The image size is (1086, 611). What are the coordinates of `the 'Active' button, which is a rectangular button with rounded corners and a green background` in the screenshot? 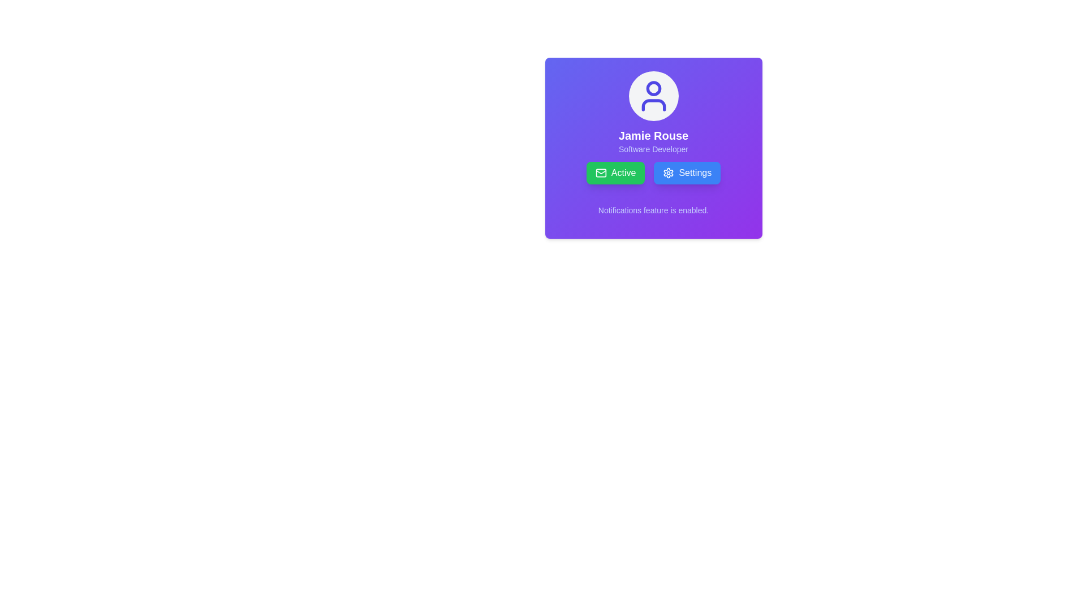 It's located at (615, 173).